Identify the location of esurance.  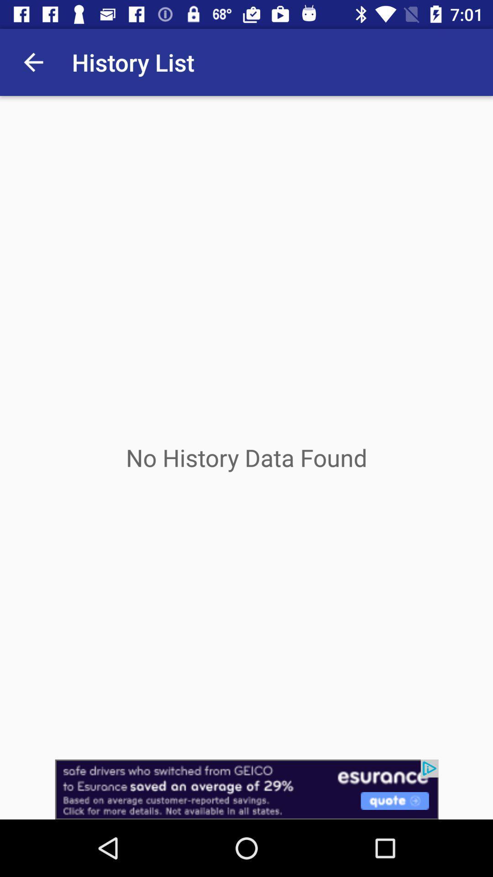
(246, 789).